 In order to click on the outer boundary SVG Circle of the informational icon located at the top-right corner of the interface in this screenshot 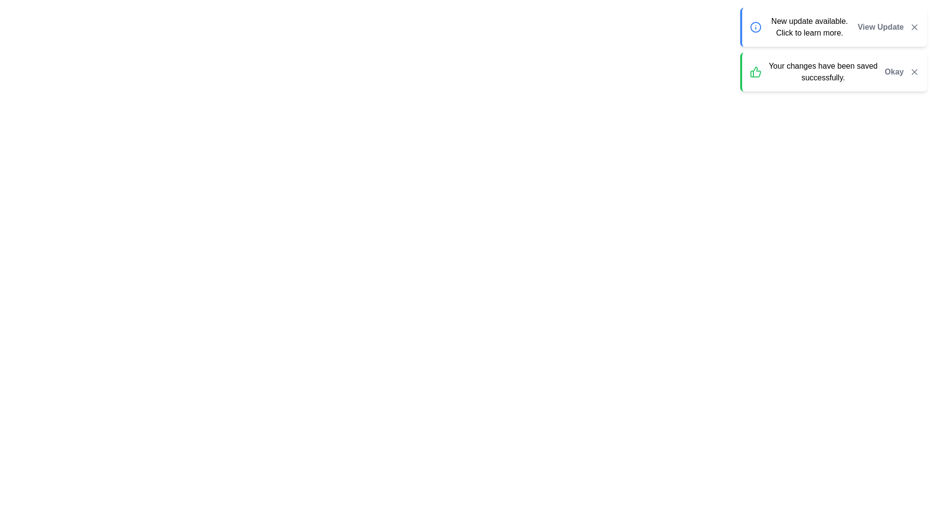, I will do `click(755, 27)`.